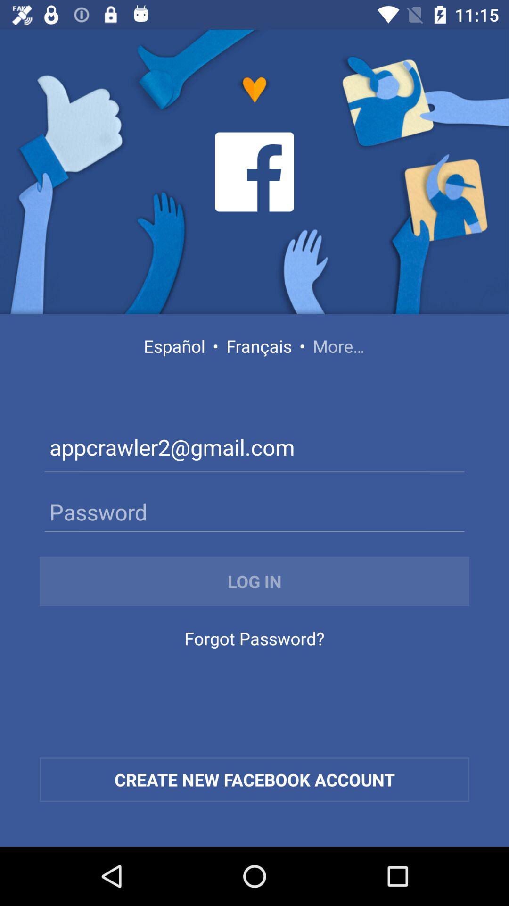 The height and width of the screenshot is (906, 509). What do you see at coordinates (254, 581) in the screenshot?
I see `the log in icon` at bounding box center [254, 581].